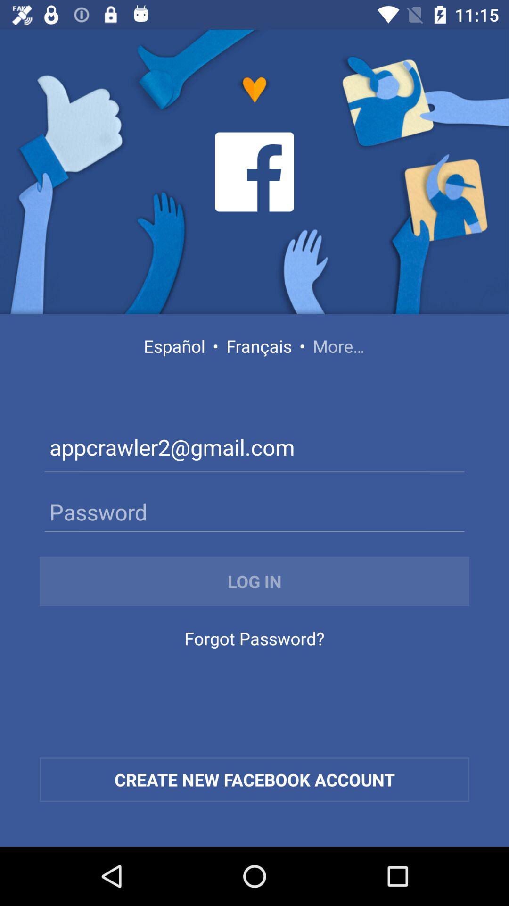 The height and width of the screenshot is (906, 509). What do you see at coordinates (254, 581) in the screenshot?
I see `the log in icon` at bounding box center [254, 581].